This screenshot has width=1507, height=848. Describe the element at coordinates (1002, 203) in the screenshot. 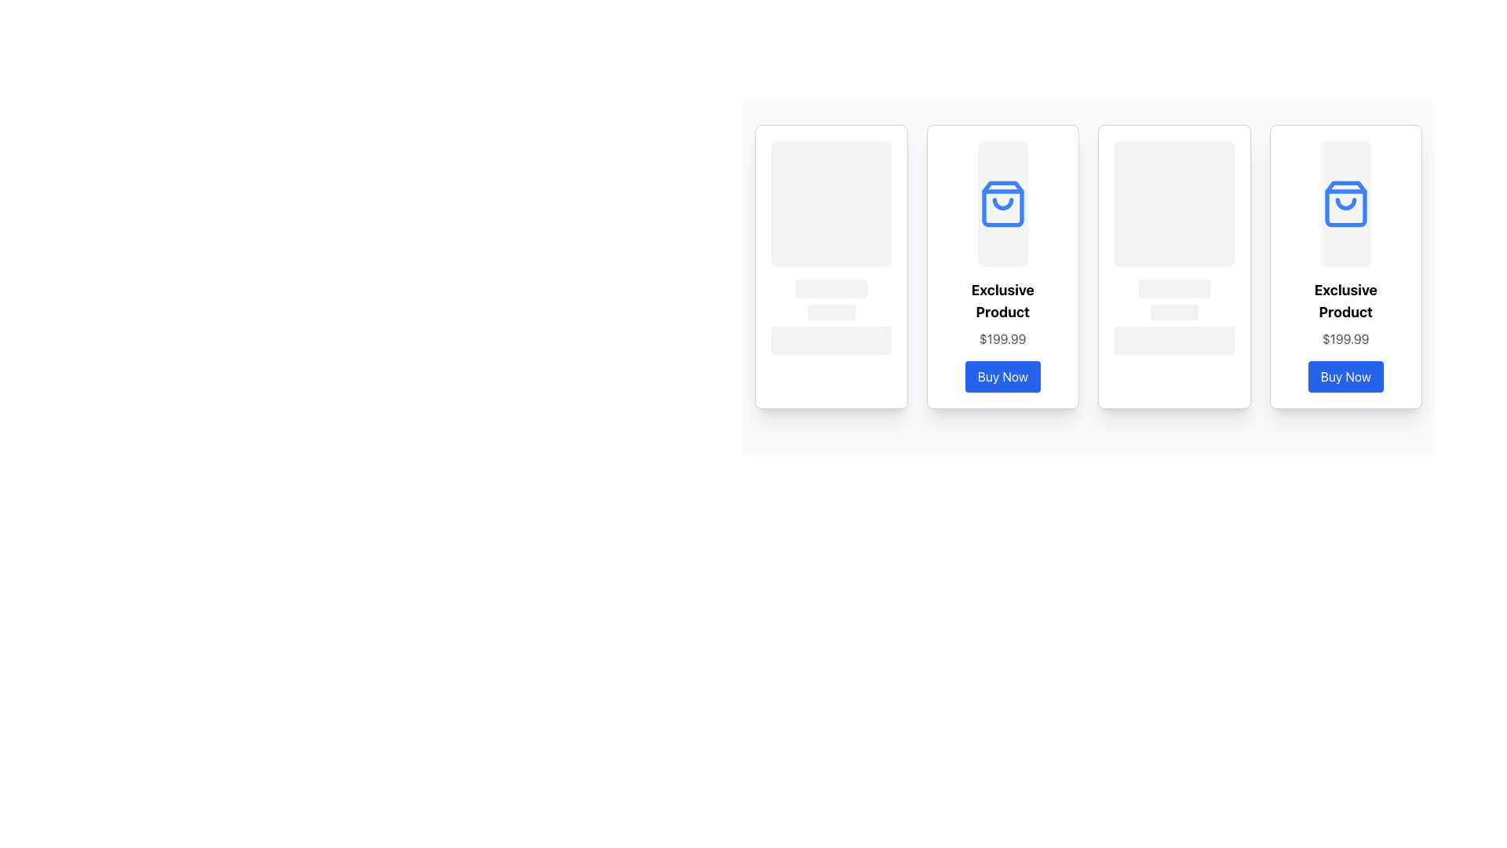

I see `the shopping-related icon located in the second product card from the left, centered vertically above the product title and price labels` at that location.